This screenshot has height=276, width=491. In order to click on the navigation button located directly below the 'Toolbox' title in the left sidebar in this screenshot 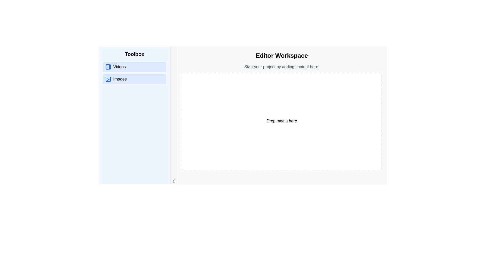, I will do `click(135, 67)`.